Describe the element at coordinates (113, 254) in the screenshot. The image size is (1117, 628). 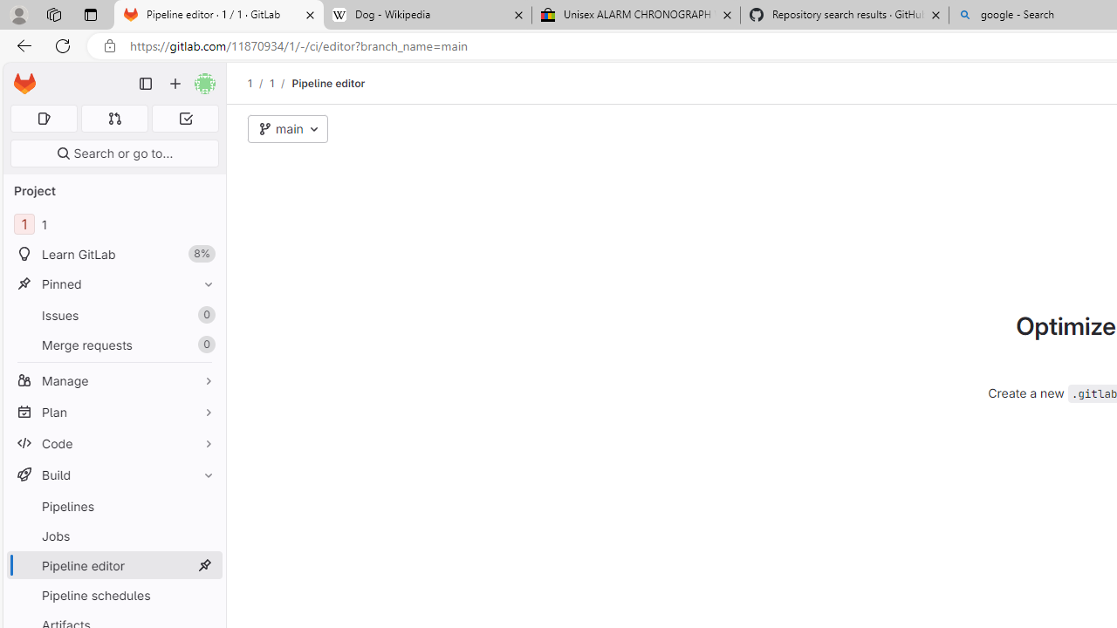
I see `'Learn GitLab 8%'` at that location.